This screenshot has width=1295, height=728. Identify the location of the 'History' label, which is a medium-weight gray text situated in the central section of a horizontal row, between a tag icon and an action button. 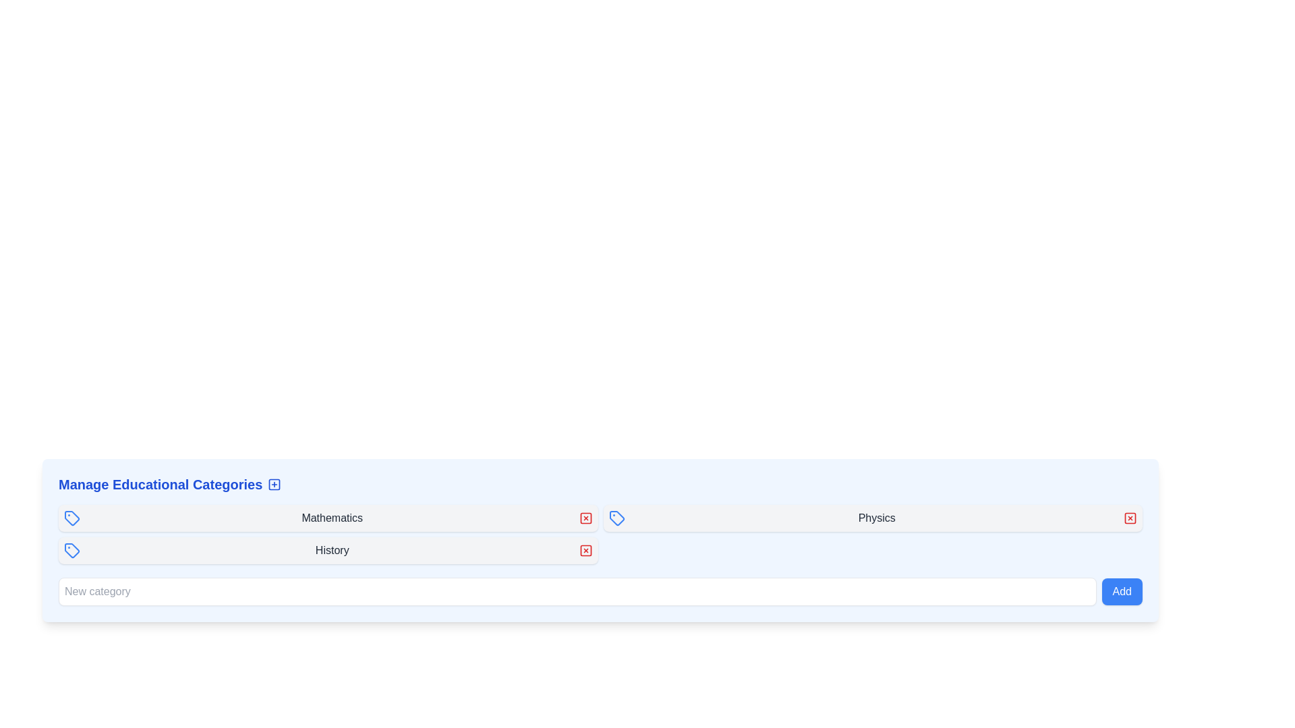
(332, 551).